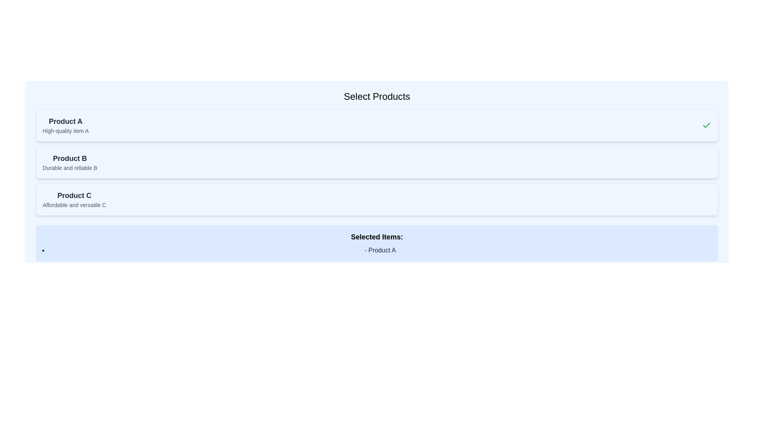 Image resolution: width=758 pixels, height=426 pixels. What do you see at coordinates (74, 195) in the screenshot?
I see `the title text for the third product section, which helps users identify this product category, located above the description text 'Affordable and versatile C'` at bounding box center [74, 195].